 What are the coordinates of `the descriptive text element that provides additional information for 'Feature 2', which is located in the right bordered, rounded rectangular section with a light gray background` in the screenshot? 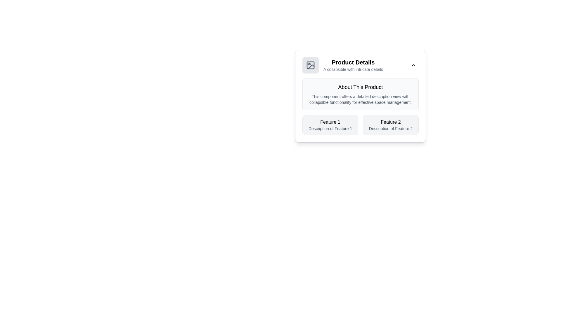 It's located at (391, 128).